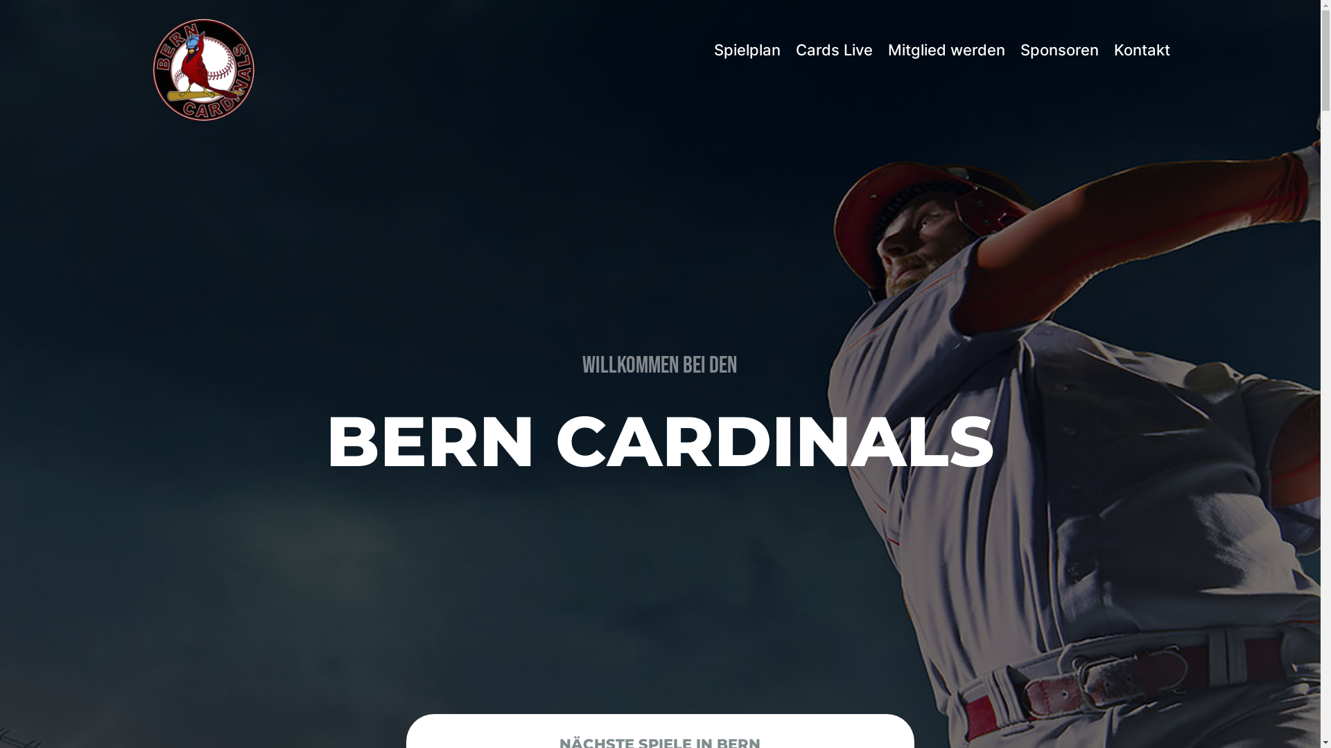  Describe the element at coordinates (946, 49) in the screenshot. I see `'Mitglied werden'` at that location.